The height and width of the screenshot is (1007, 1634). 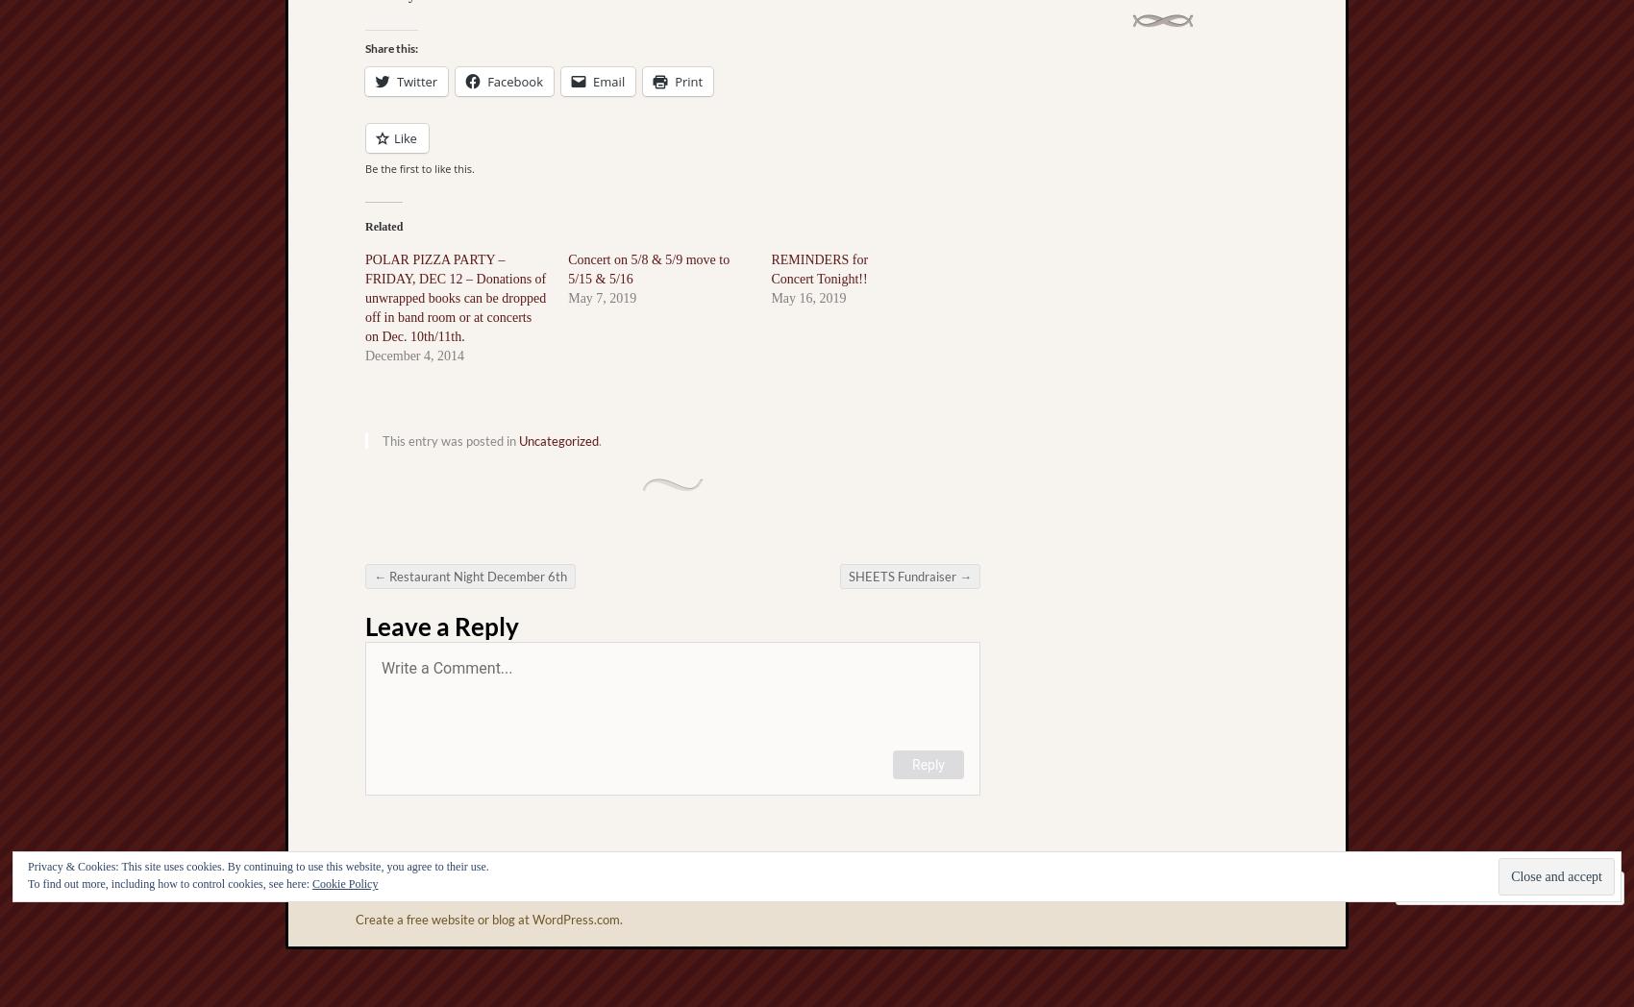 I want to click on 'Create a free website or blog at WordPress.com.', so click(x=354, y=920).